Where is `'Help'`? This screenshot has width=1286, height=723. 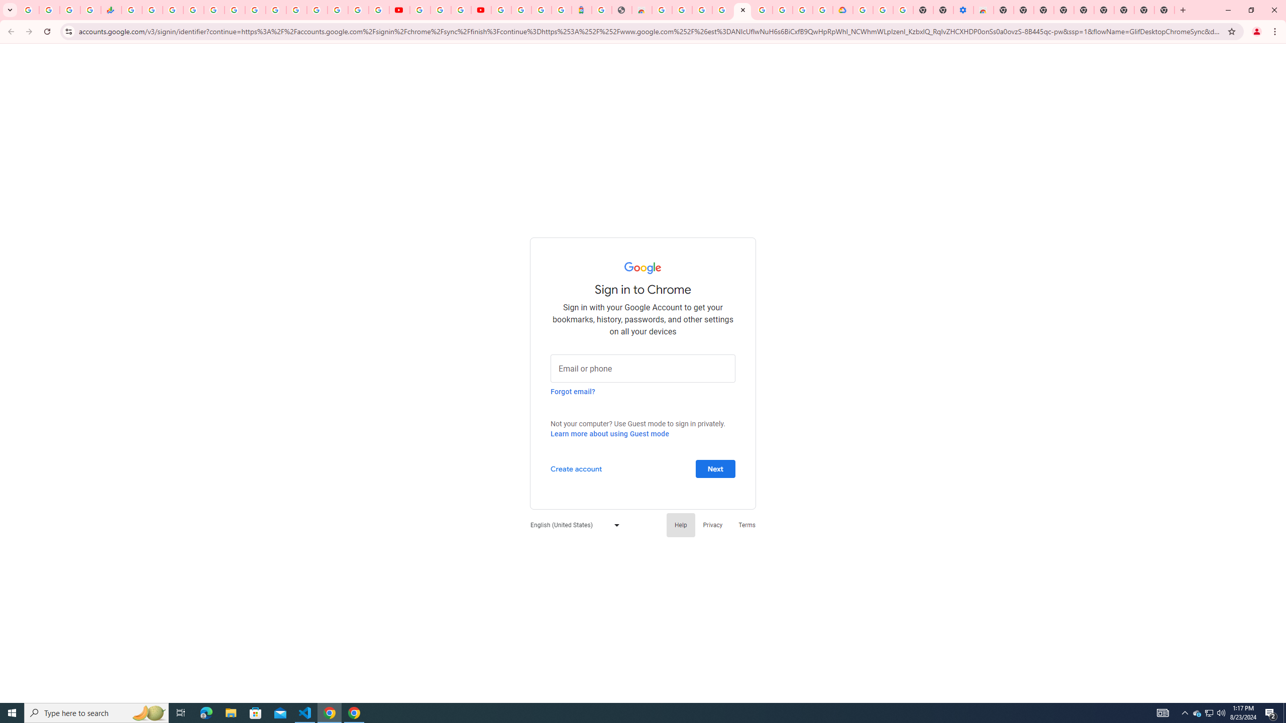 'Help' is located at coordinates (680, 525).